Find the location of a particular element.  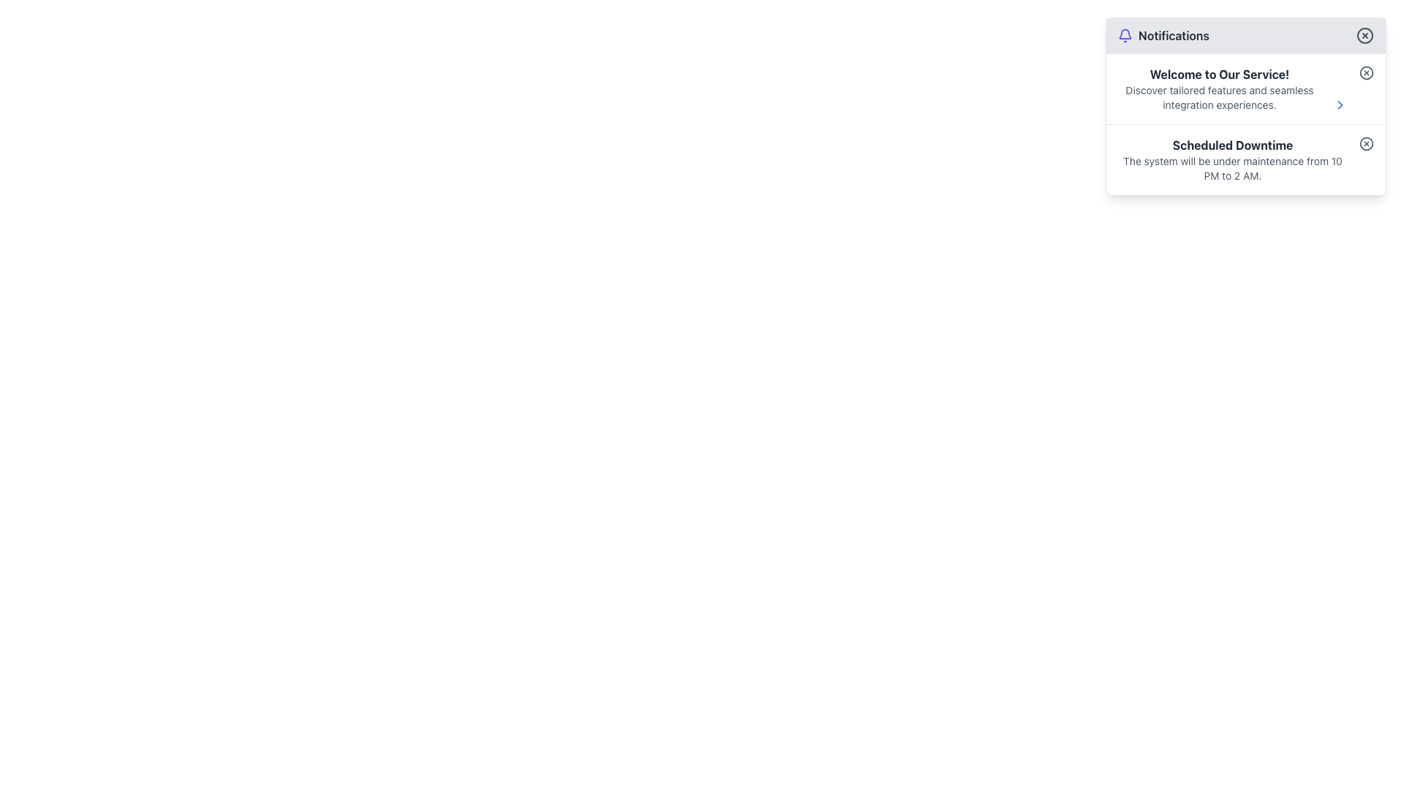

the icon within the notifications tray that indicates more details or actions related to the associated notification, located to the right of the notification message is located at coordinates (1340, 104).